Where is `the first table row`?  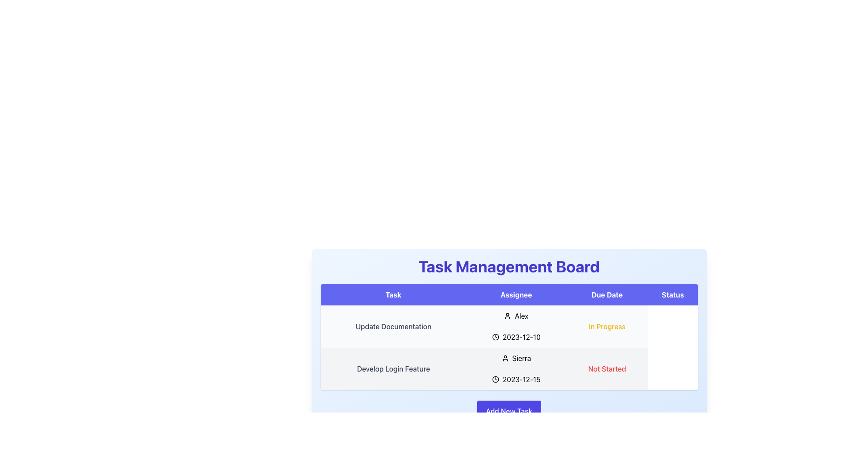 the first table row is located at coordinates (509, 326).